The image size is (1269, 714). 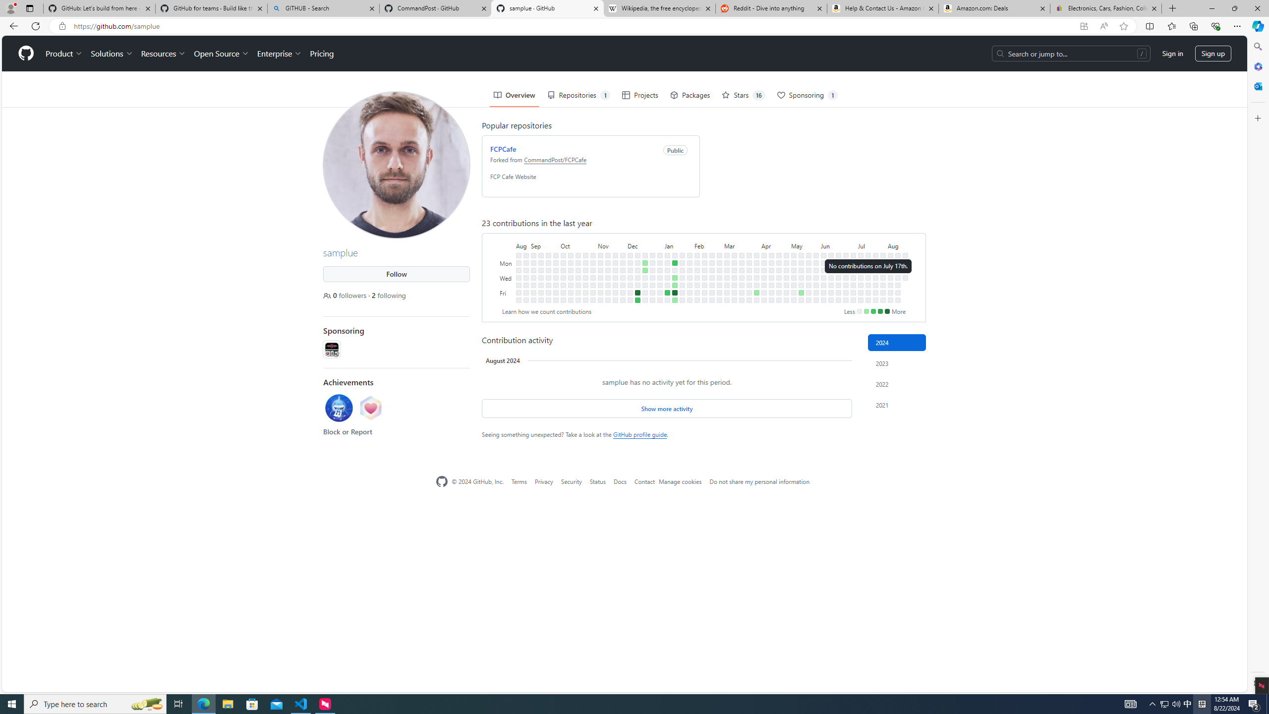 I want to click on 'No contributions on March 14th.', so click(x=734, y=285).